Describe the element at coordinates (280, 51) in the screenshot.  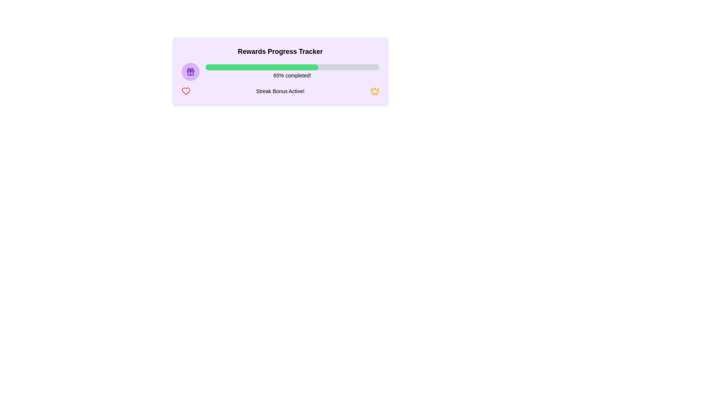
I see `the title text indicating the purpose of the content below it, which relates to tracking rewards progress` at that location.